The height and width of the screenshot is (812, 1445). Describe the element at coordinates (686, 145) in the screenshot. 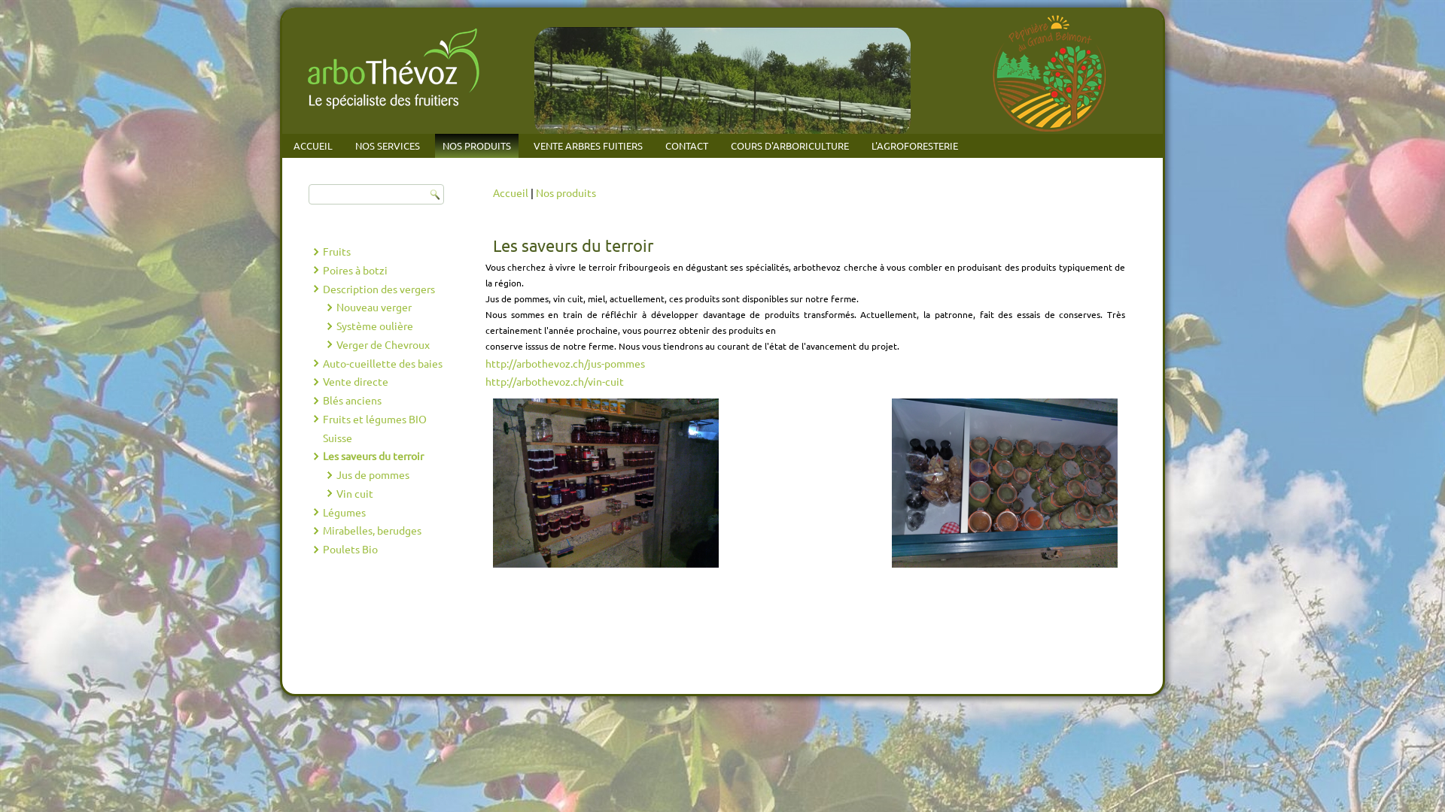

I see `'CONTACT'` at that location.